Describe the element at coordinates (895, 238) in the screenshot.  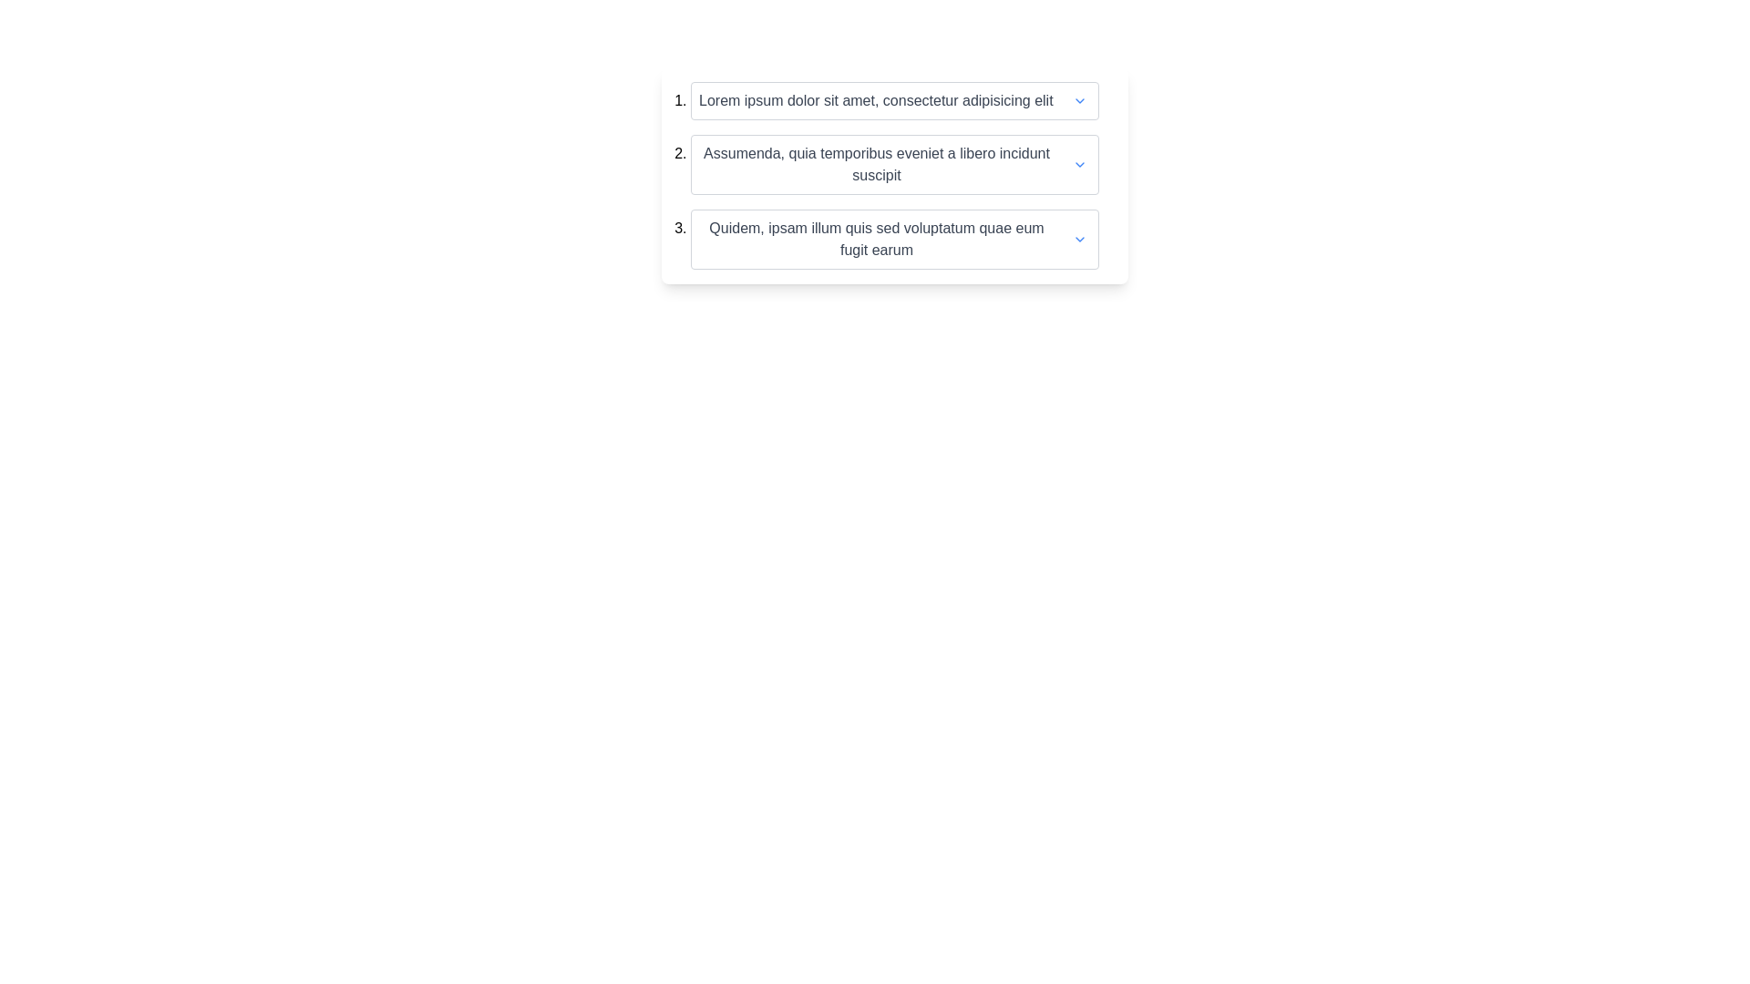
I see `the chevron icon on the third item in the enumerated list` at that location.